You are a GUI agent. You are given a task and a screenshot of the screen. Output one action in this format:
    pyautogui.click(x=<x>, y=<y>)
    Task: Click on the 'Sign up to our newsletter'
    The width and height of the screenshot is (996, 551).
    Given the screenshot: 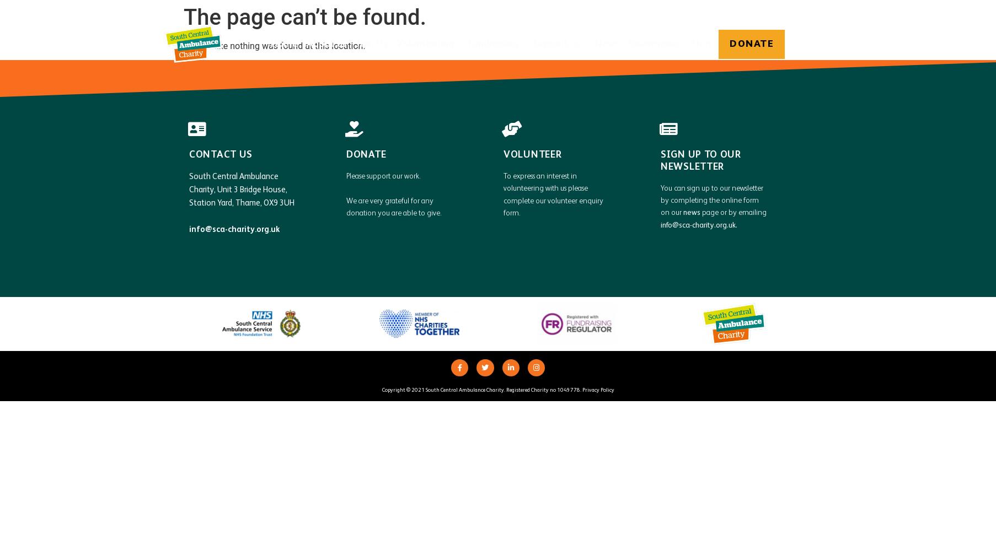 What is the action you would take?
    pyautogui.click(x=700, y=160)
    